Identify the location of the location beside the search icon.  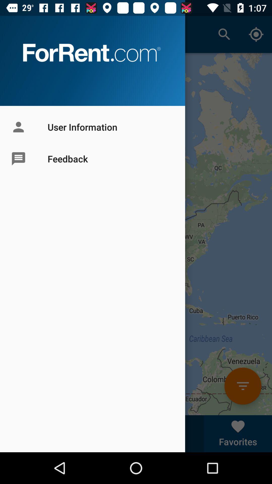
(256, 34).